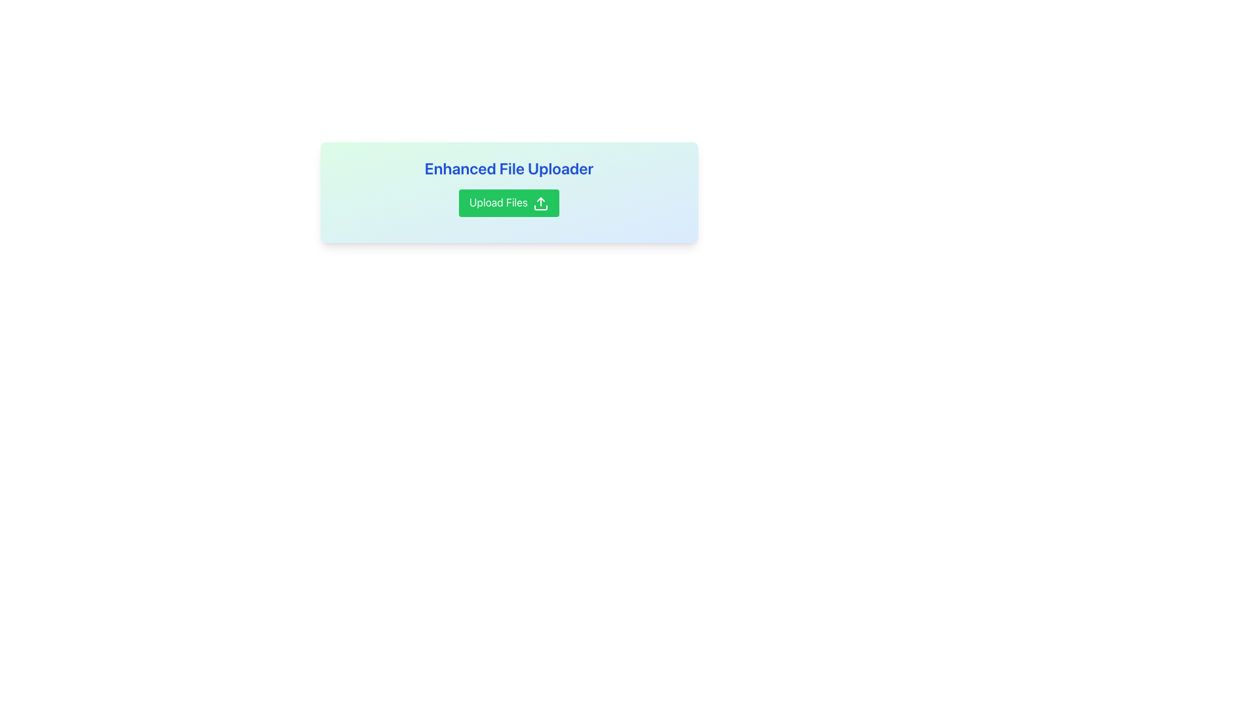  Describe the element at coordinates (541, 203) in the screenshot. I see `the upload files icon located to the right of the 'Upload Files' button, centered vertically and horizontally within its boundaries` at that location.